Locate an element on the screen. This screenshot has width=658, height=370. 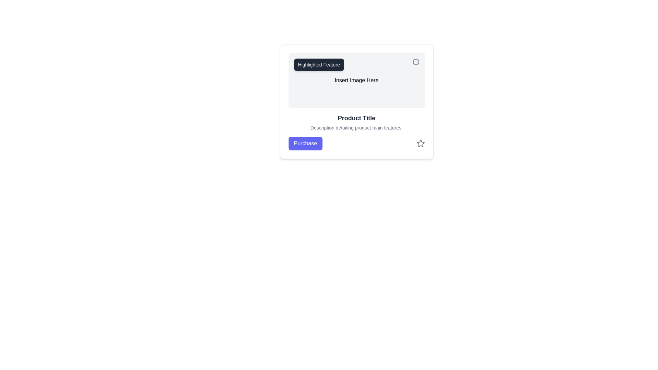
the Star icon located at the bottom-right of the card, adjacent to the 'Purchase' button, which is used for rating functionality is located at coordinates (420, 143).